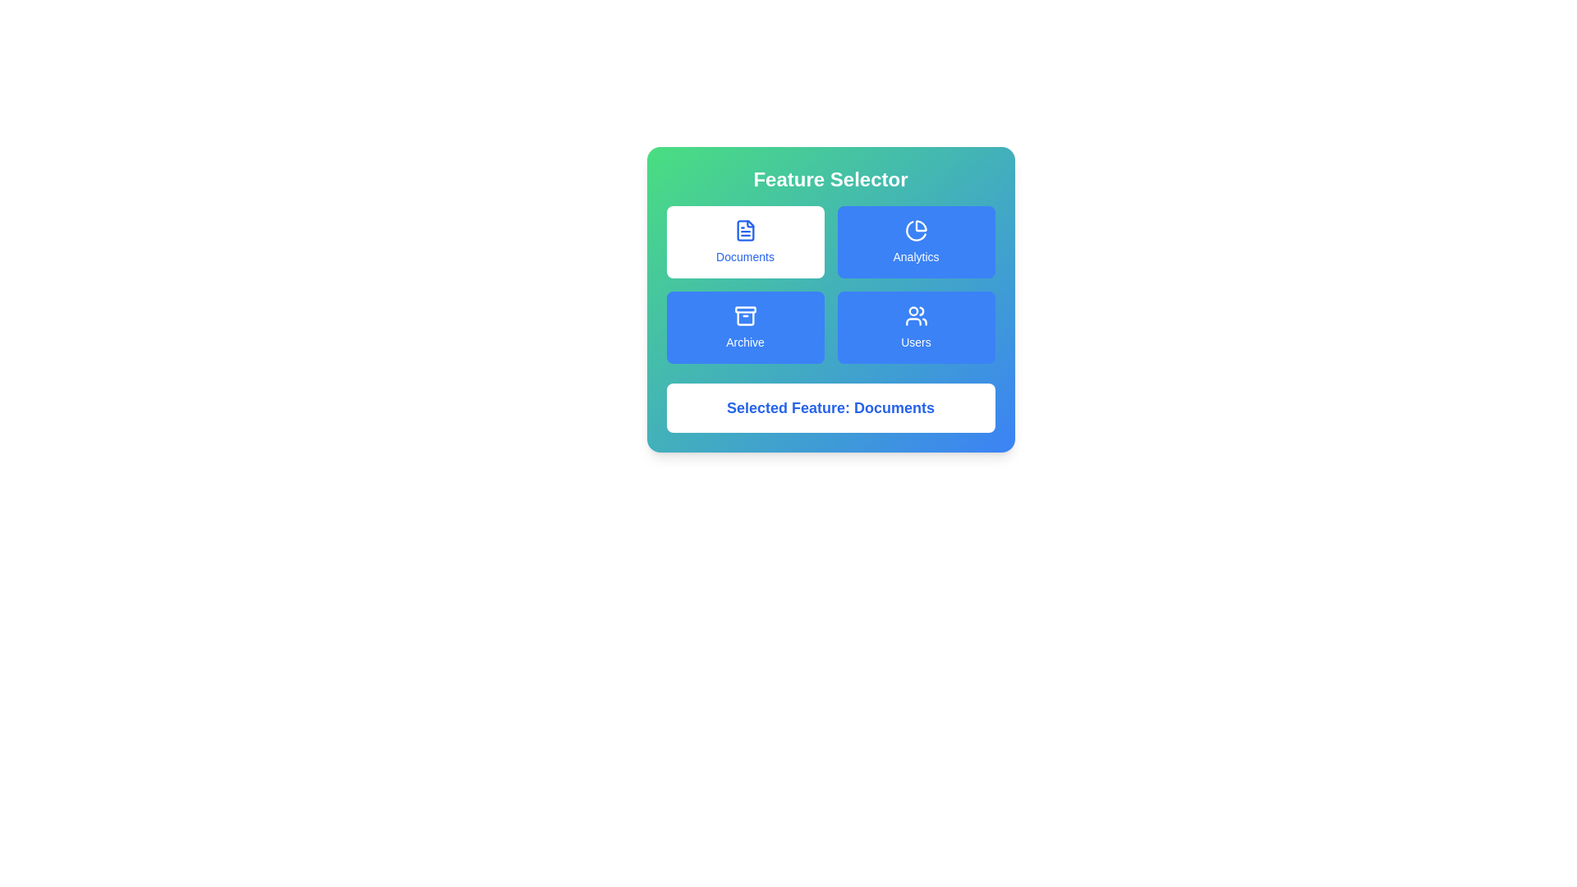 The height and width of the screenshot is (887, 1577). I want to click on the blue button labeled 'Users' with a user icon, so click(915, 327).